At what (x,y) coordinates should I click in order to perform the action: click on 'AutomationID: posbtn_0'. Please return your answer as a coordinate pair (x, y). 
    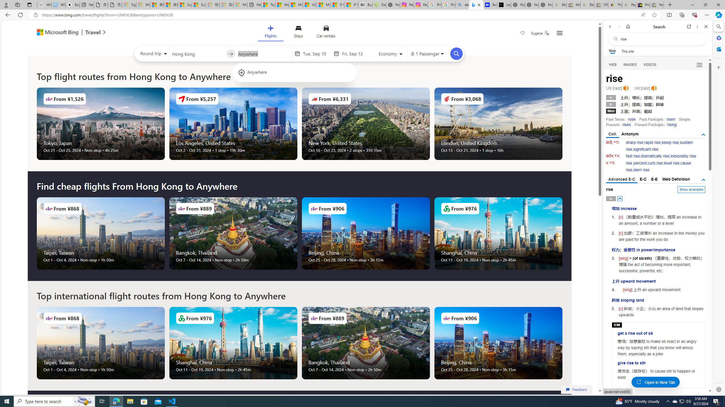
    Looking at the image, I should click on (620, 198).